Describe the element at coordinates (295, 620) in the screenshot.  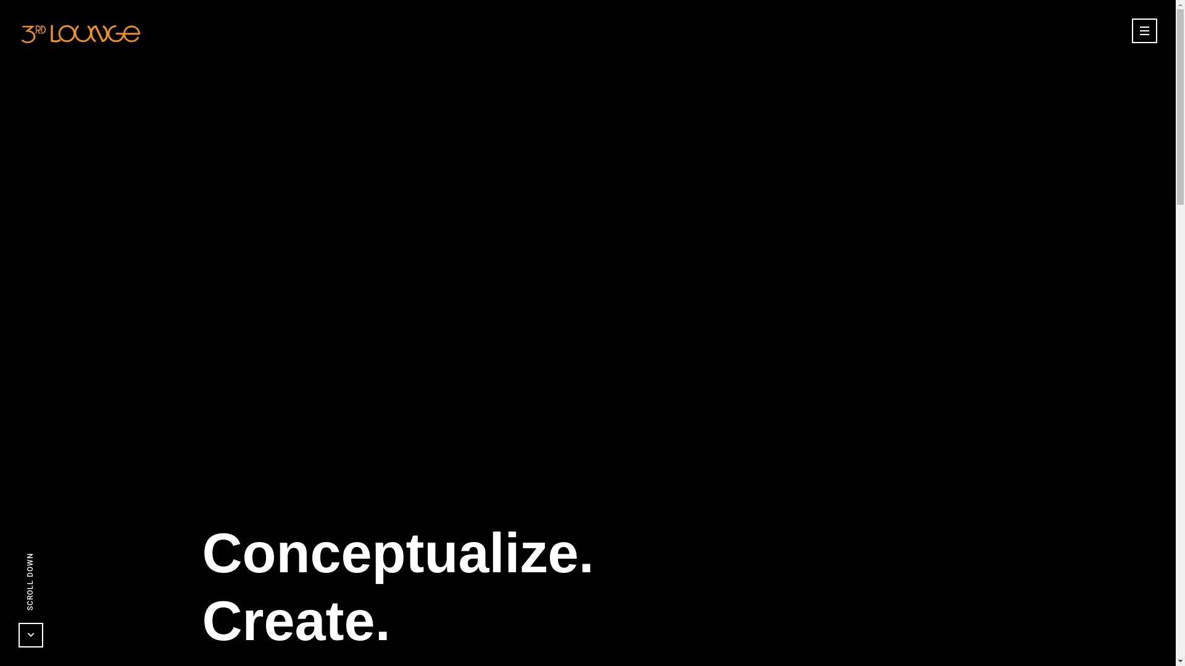
I see `'Create.'` at that location.